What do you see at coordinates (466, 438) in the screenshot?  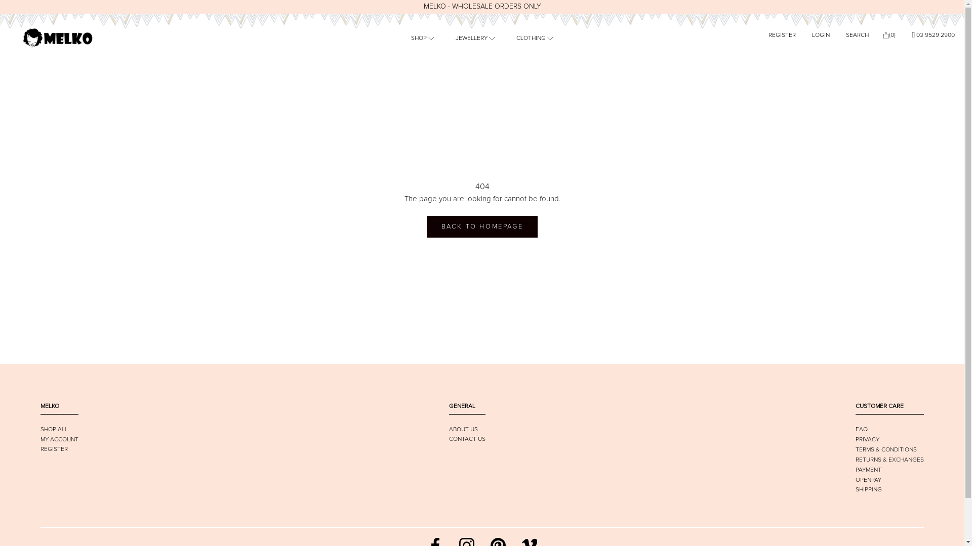 I see `'CONTACT US'` at bounding box center [466, 438].